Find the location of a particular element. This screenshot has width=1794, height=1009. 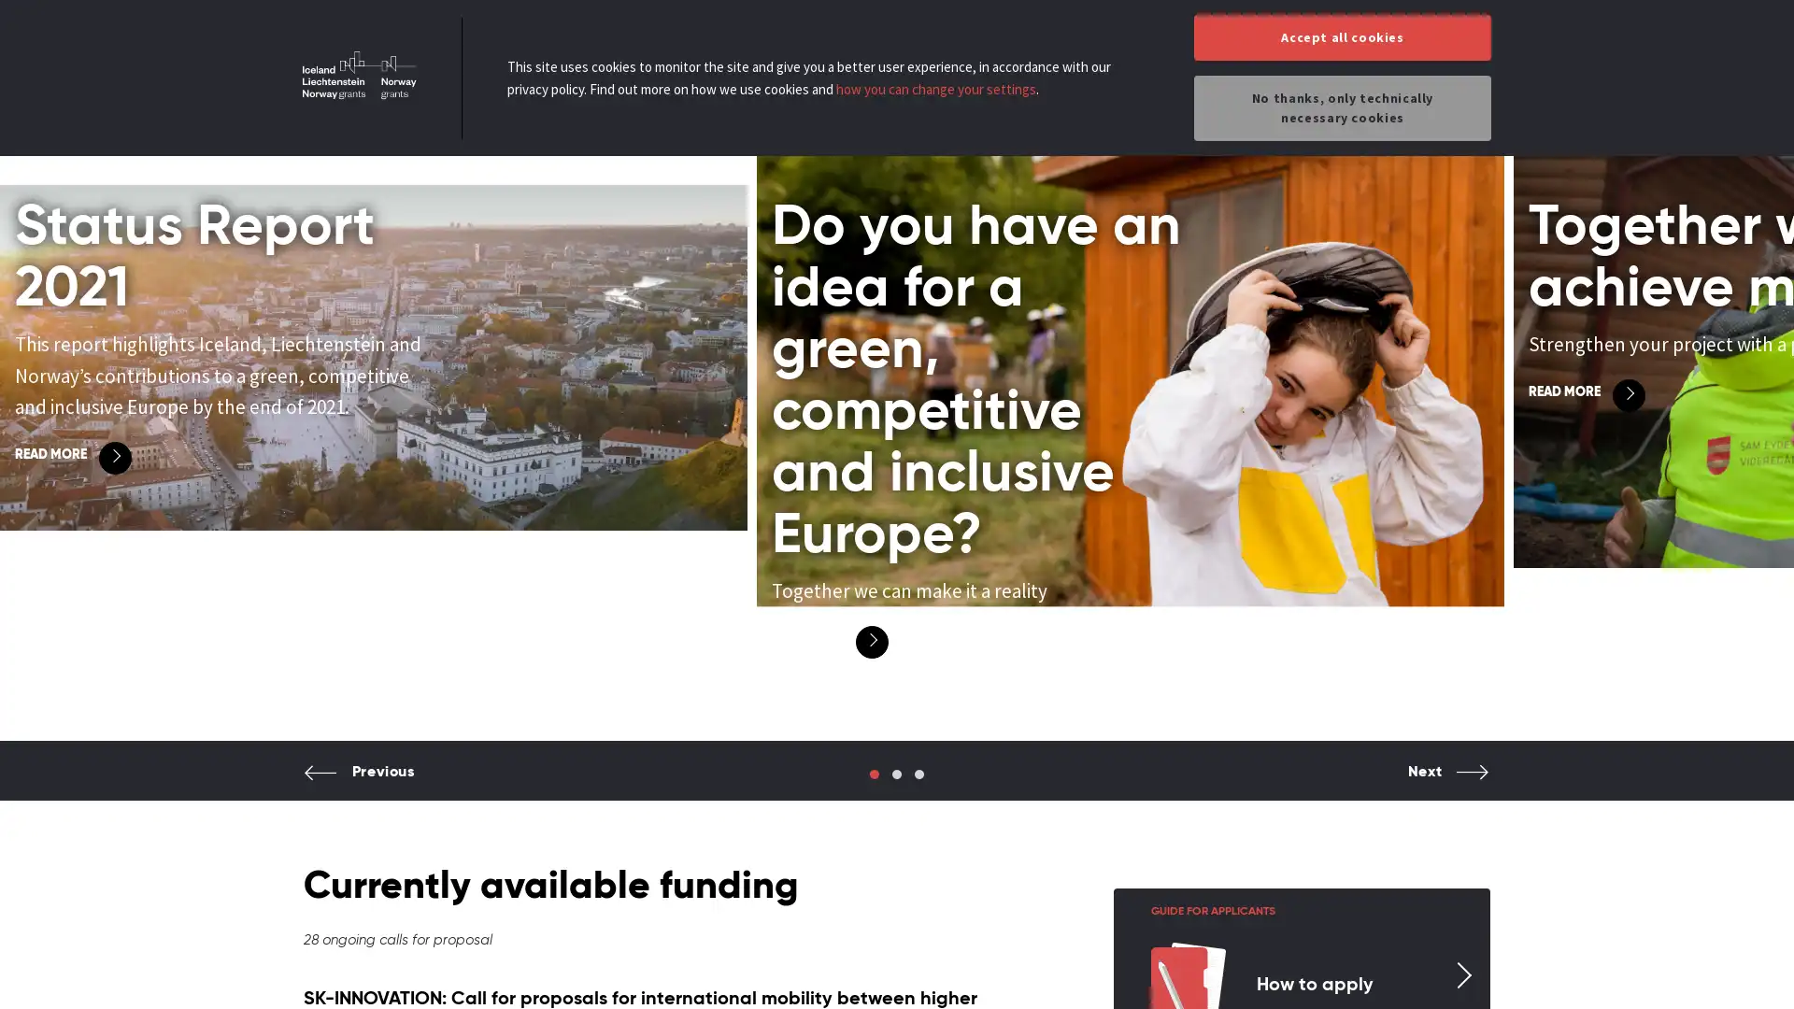

Previous is located at coordinates (359, 786).